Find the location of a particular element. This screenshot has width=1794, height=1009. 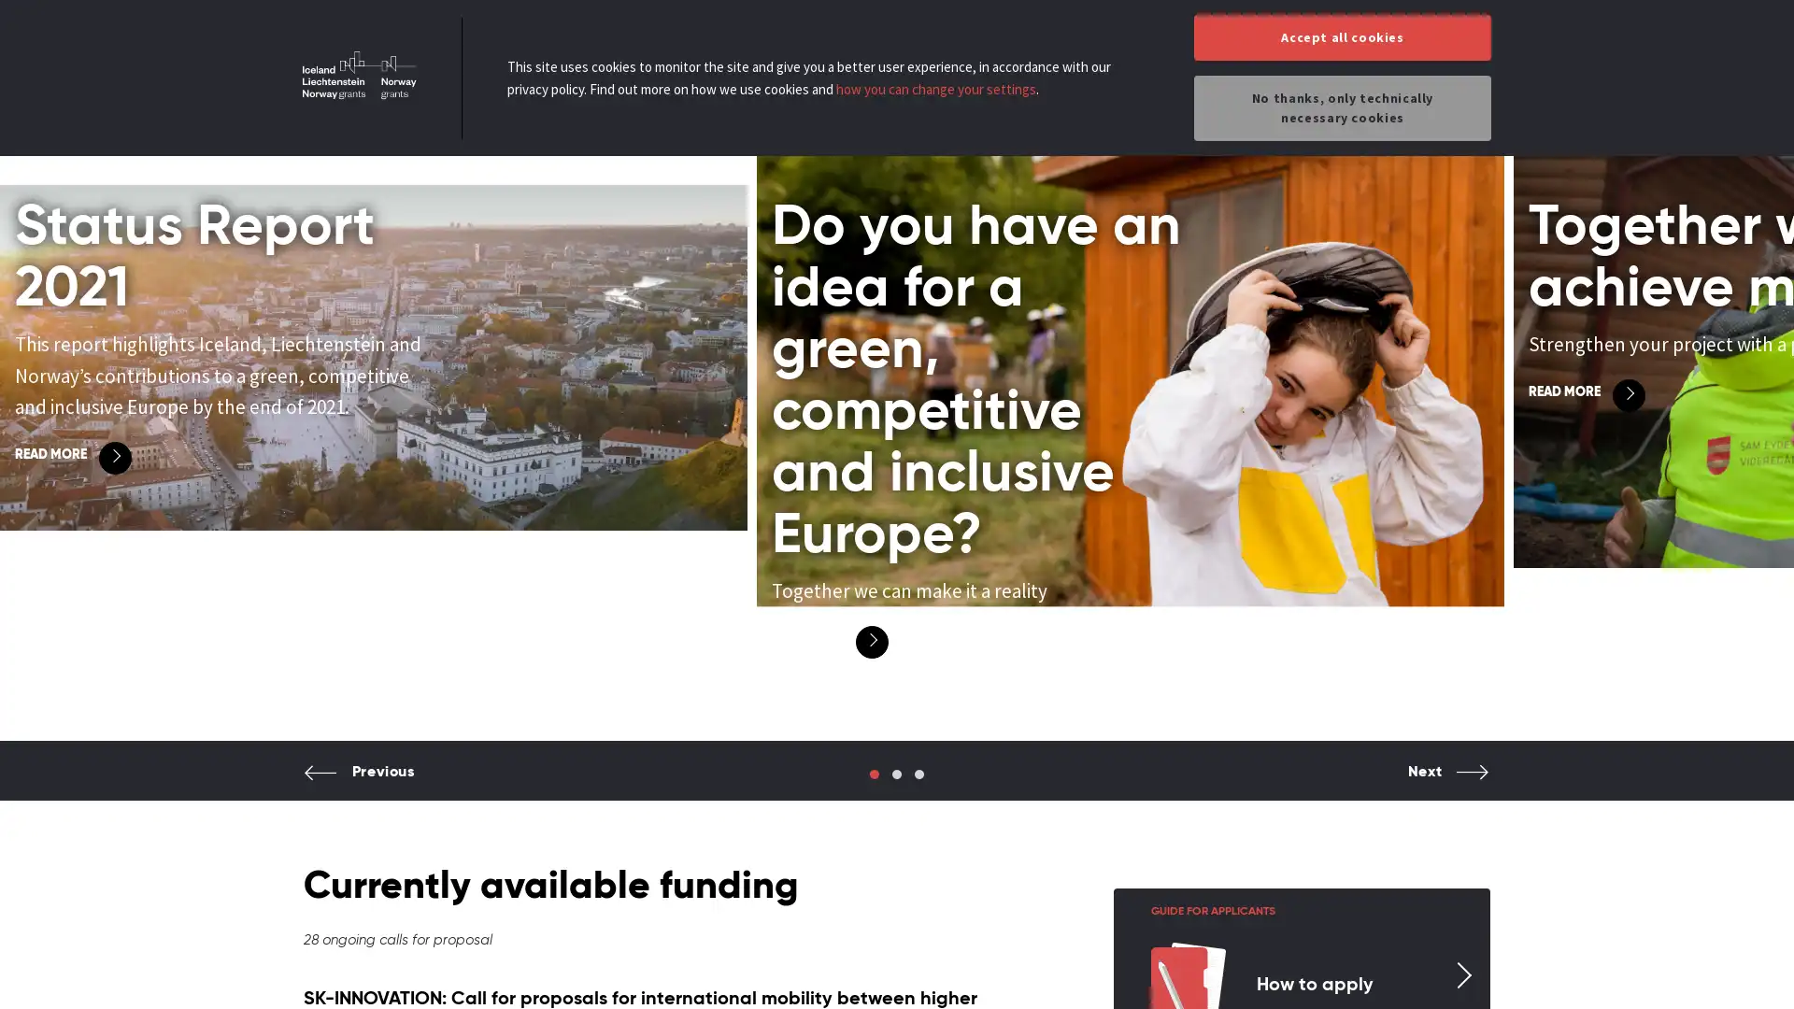

Previous is located at coordinates (359, 786).